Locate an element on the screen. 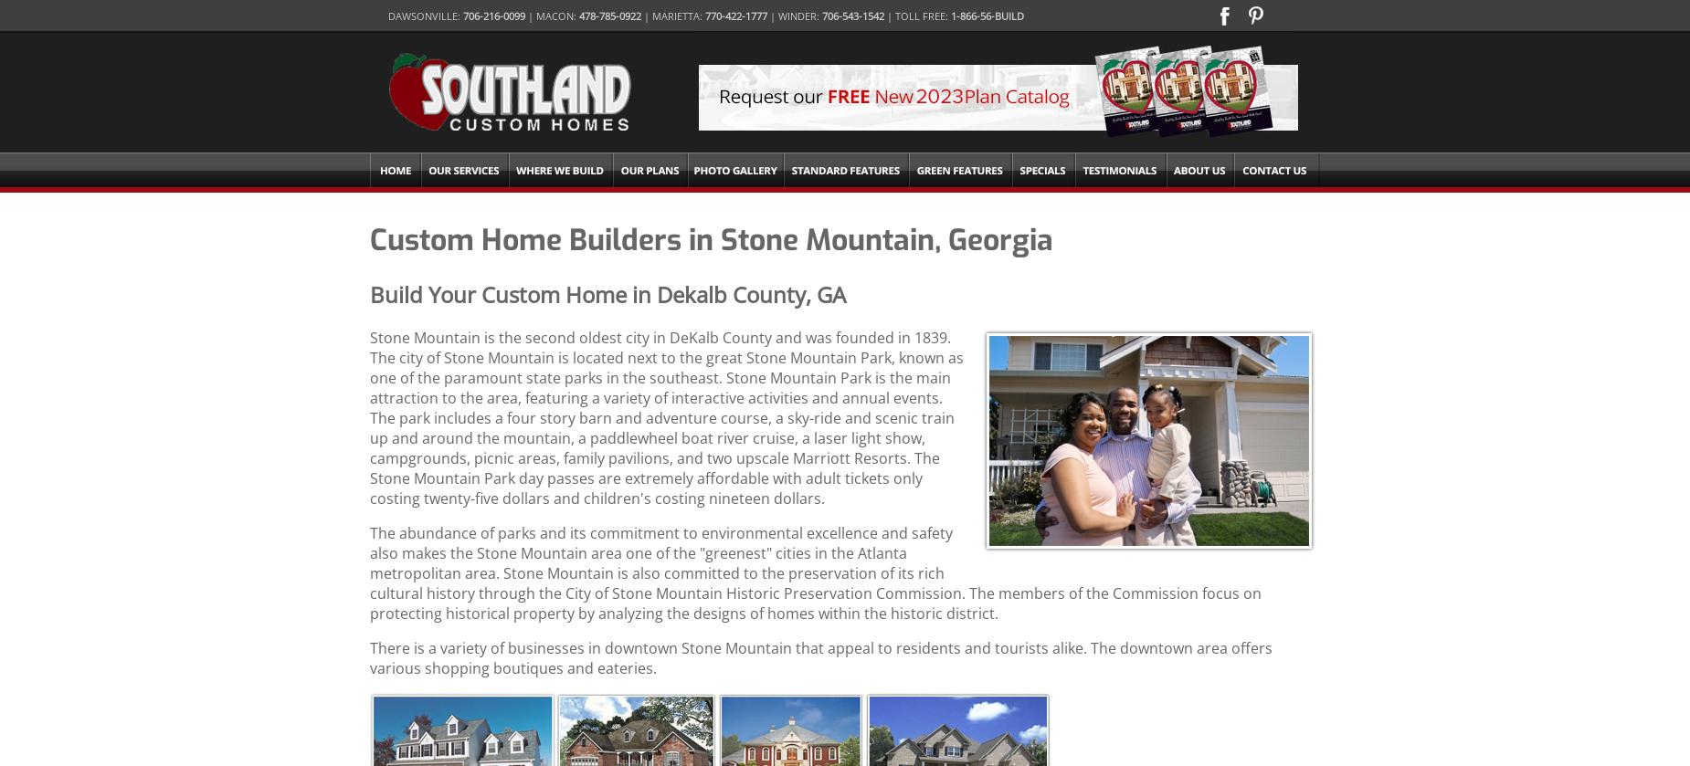  '|  Macon:' is located at coordinates (552, 16).